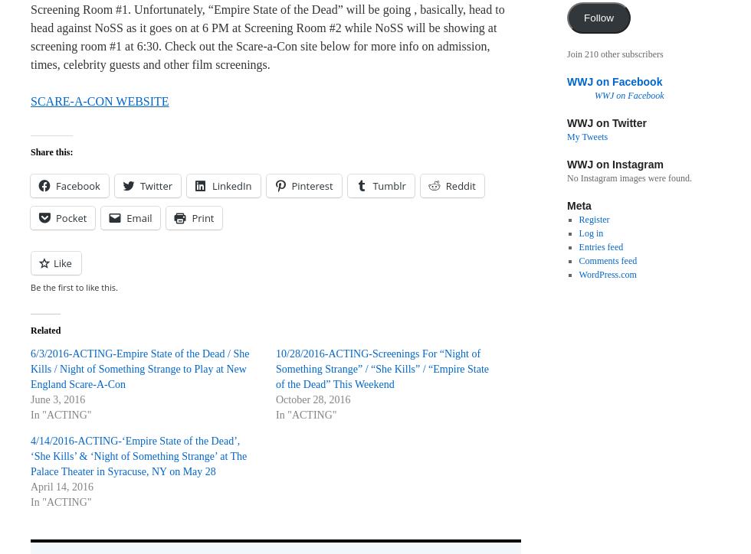 Image resolution: width=751 pixels, height=554 pixels. Describe the element at coordinates (231, 185) in the screenshot. I see `'LinkedIn'` at that location.